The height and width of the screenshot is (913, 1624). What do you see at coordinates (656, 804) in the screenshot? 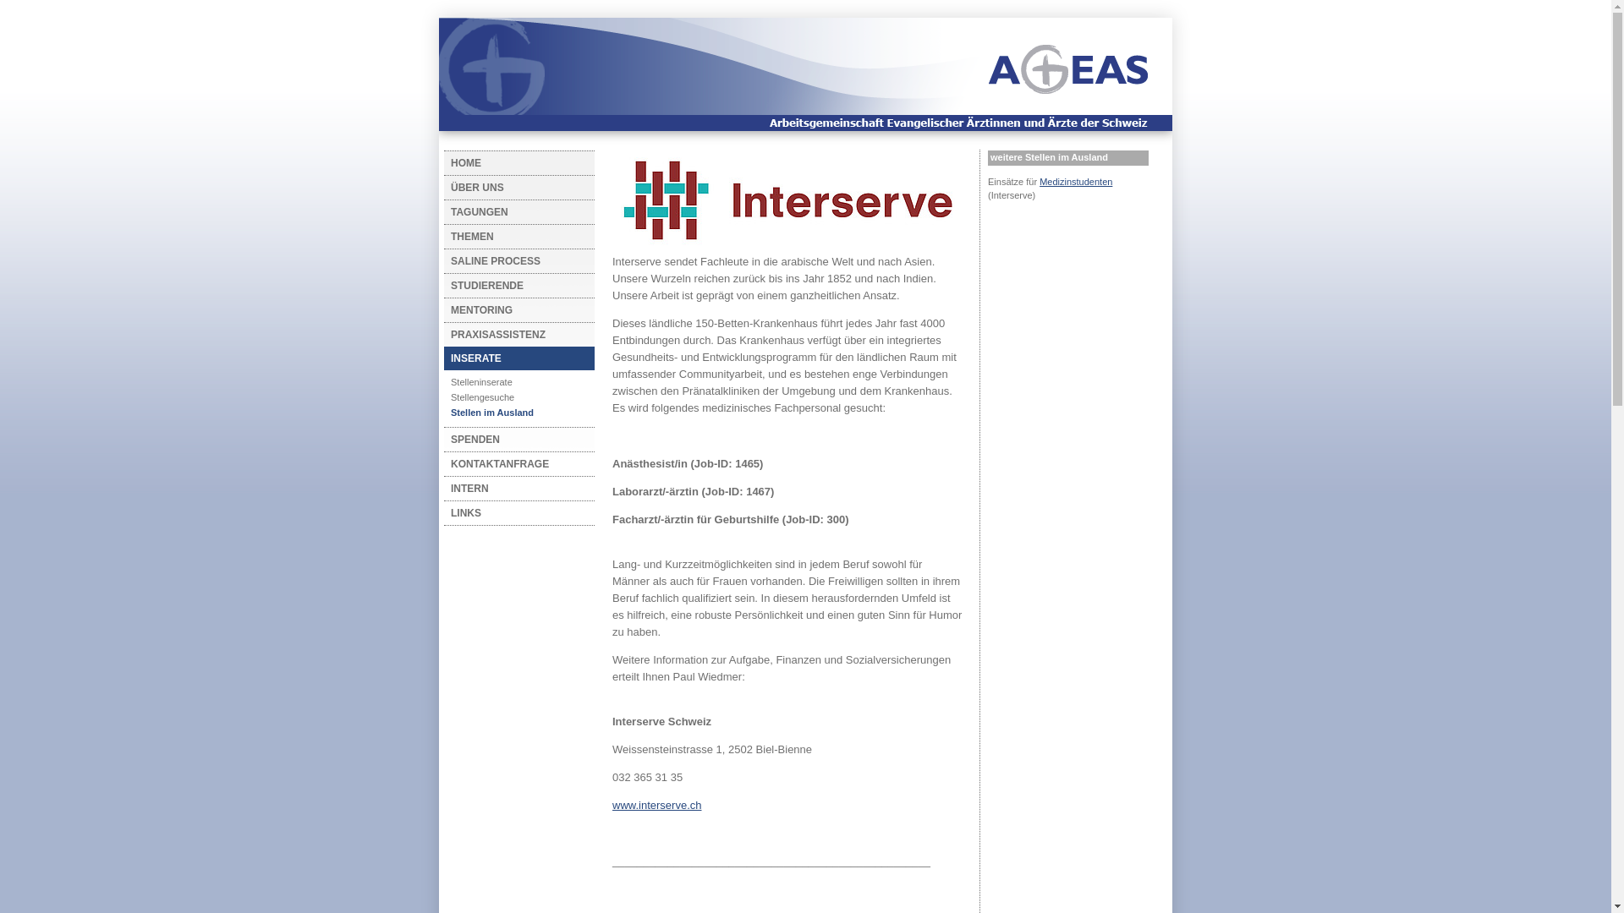
I see `'www.interserve.ch'` at bounding box center [656, 804].